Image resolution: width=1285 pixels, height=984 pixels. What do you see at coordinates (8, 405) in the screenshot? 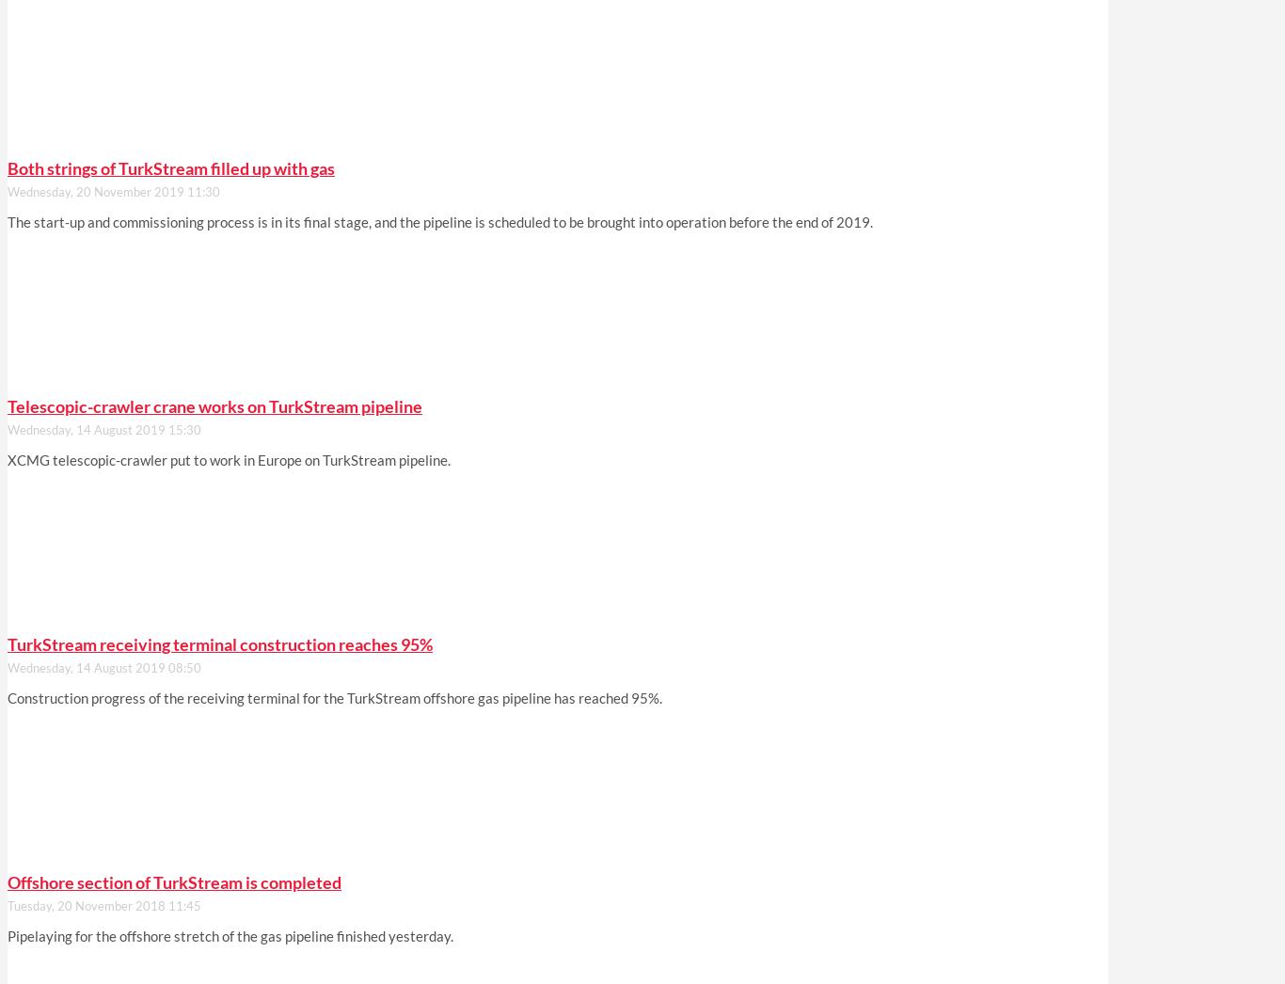
I see `'Telescopic-crawler crane works on TurkStream pipeline'` at bounding box center [8, 405].